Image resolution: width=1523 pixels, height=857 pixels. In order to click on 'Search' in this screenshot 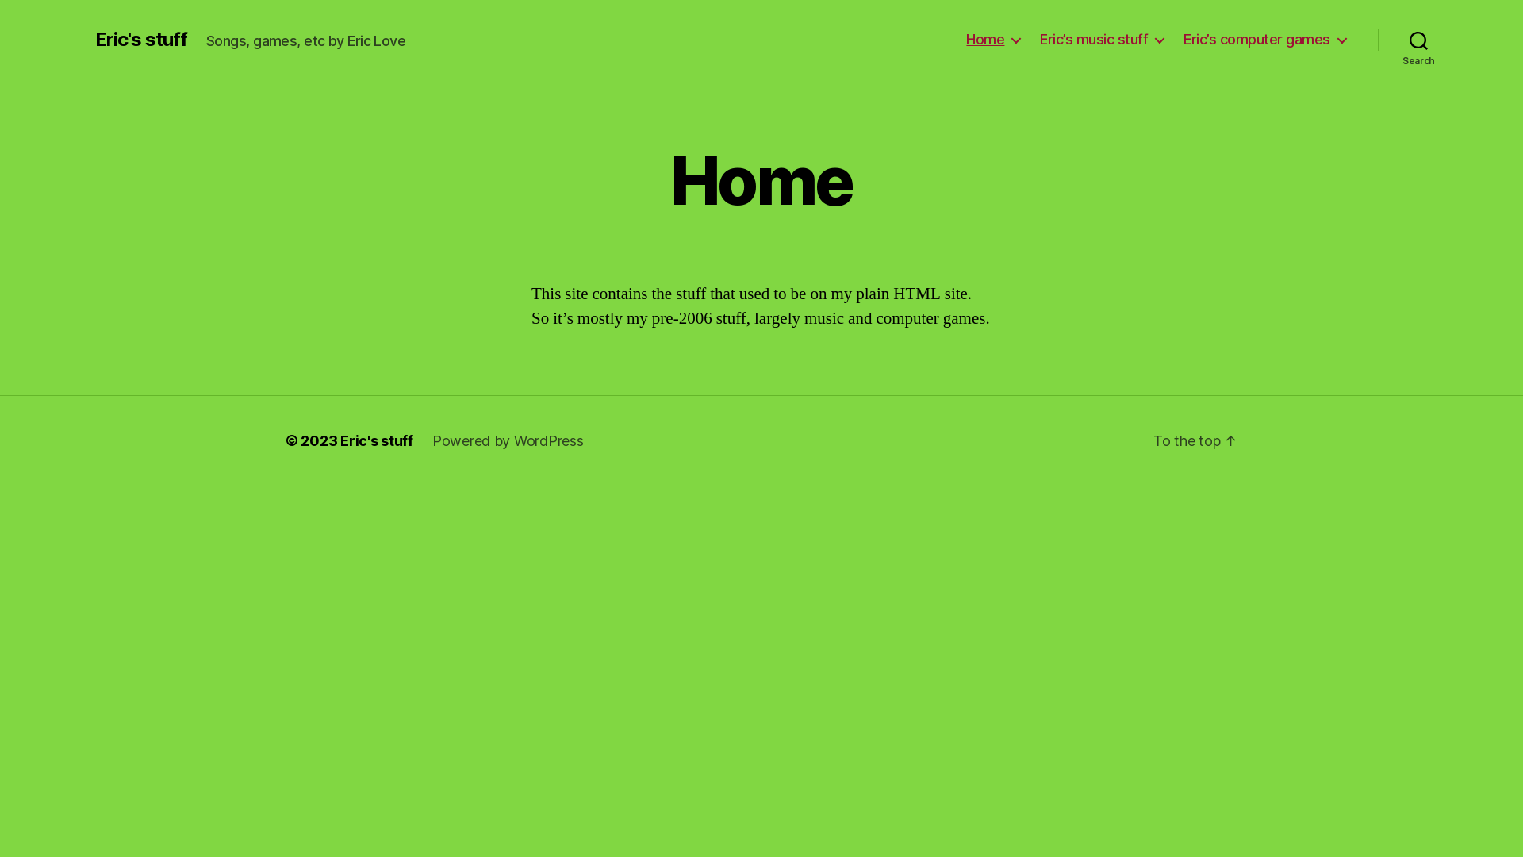, I will do `click(1377, 39)`.